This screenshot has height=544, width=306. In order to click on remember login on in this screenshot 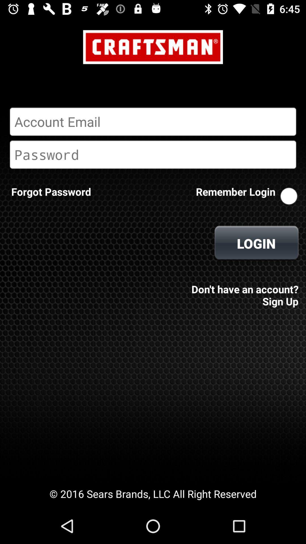, I will do `click(289, 196)`.